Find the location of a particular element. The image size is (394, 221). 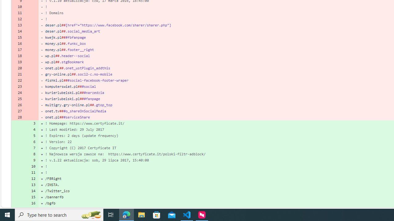

'24' is located at coordinates (18, 93).